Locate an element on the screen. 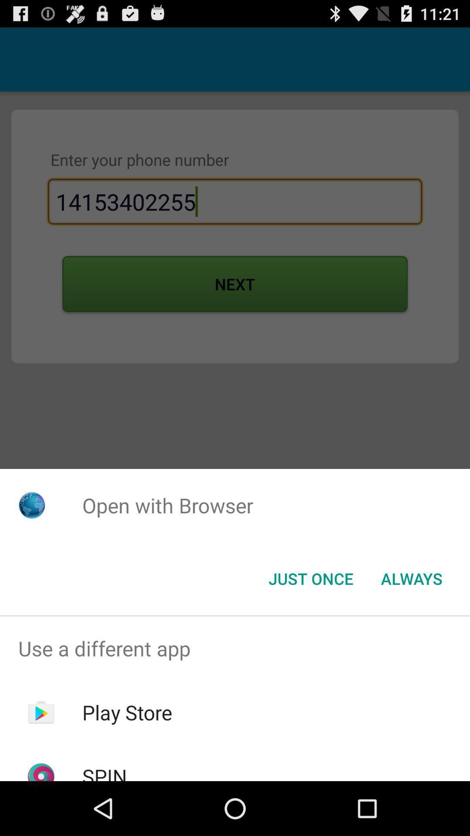 Image resolution: width=470 pixels, height=836 pixels. always button is located at coordinates (411, 579).